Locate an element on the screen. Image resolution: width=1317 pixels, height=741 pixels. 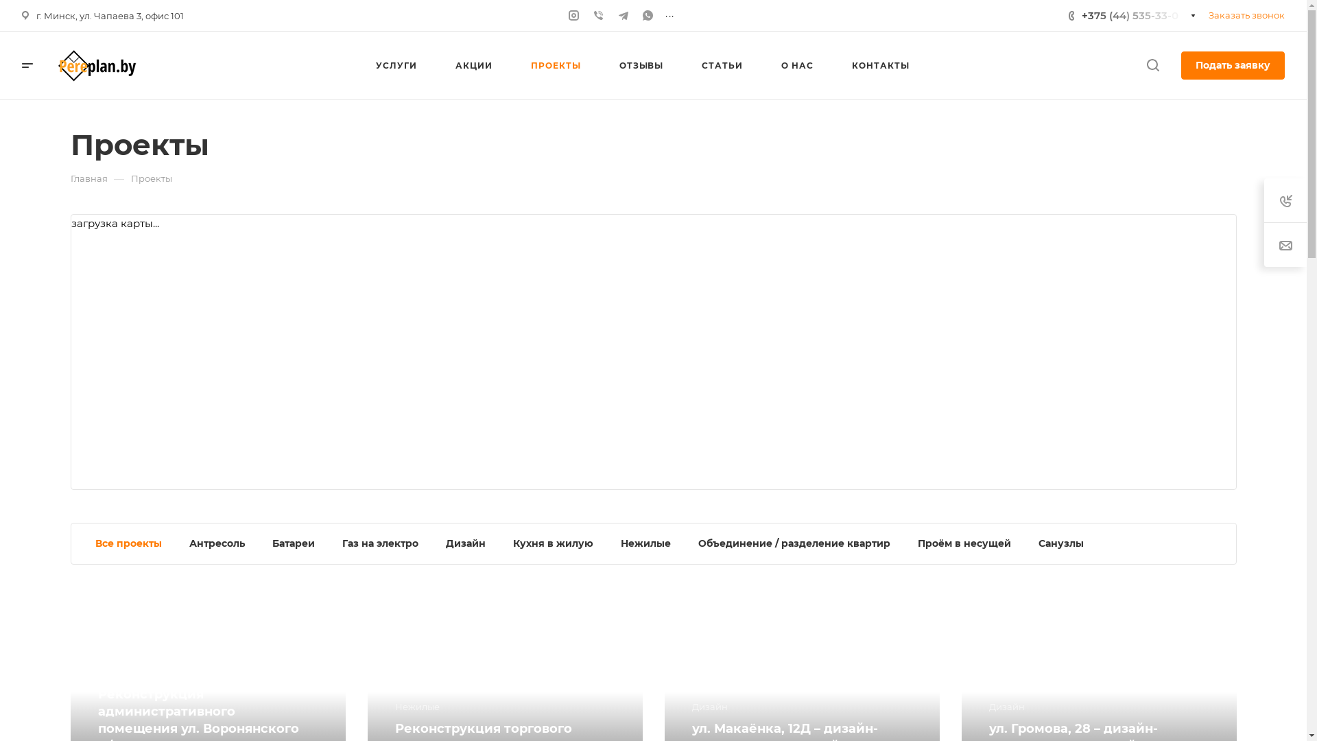
'Telegram' is located at coordinates (622, 15).